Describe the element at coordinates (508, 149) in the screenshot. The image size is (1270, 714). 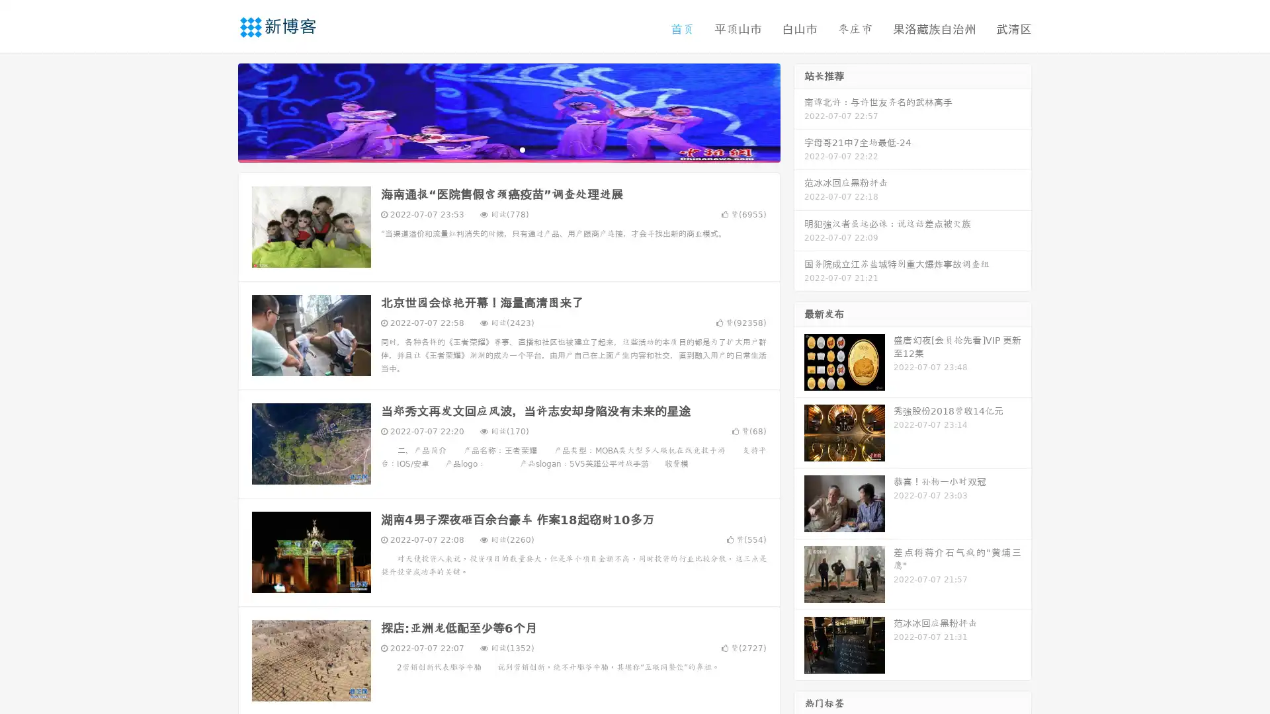
I see `Go to slide 2` at that location.